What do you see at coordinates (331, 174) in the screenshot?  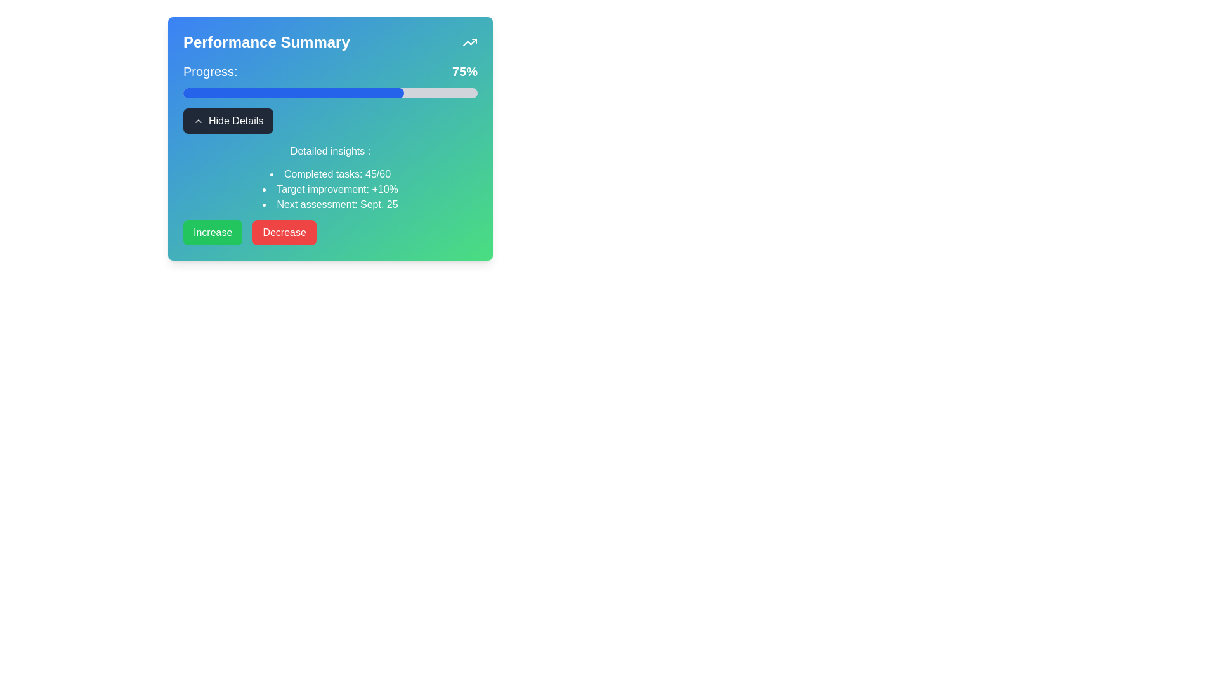 I see `text displaying 'Completed tasks: 45/60', which is styled with a bullet point and white text color, located under the 'Hide Details' button within the 'Performance Summary' card` at bounding box center [331, 174].